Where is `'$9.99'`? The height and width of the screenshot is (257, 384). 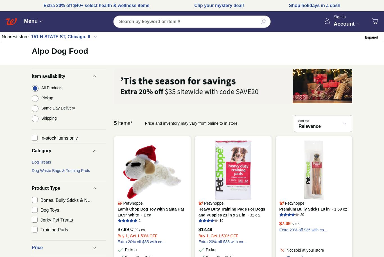
'$9.99' is located at coordinates (296, 224).